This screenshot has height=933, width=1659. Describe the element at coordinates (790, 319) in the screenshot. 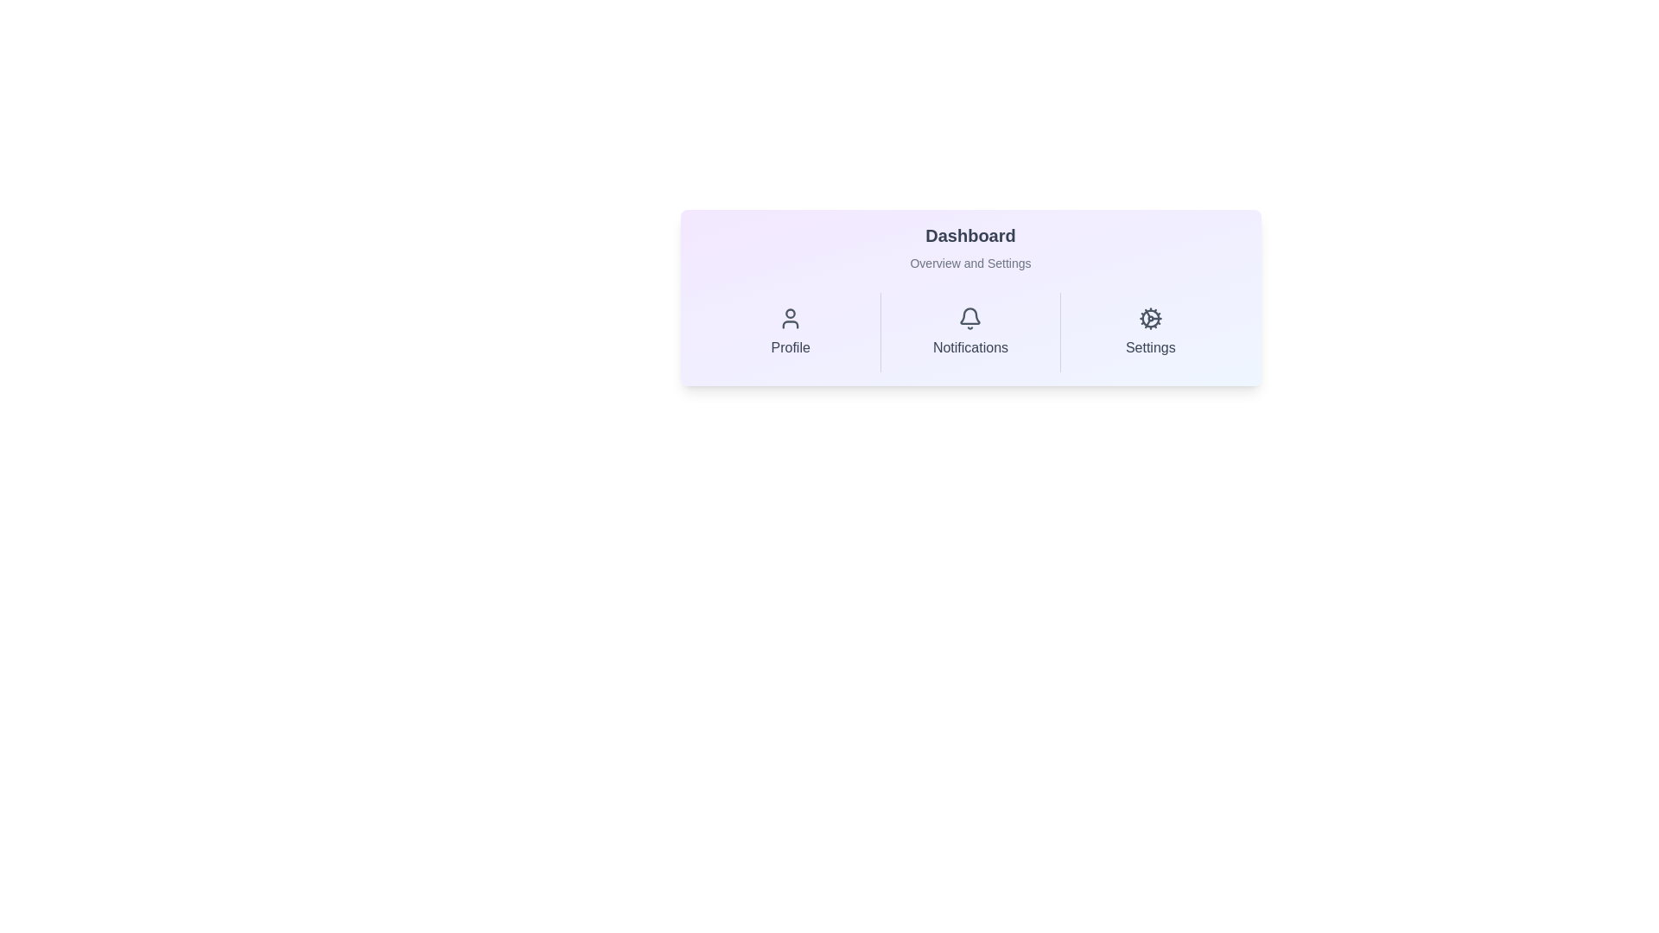

I see `the profile icon located above the 'Profile' text in the navigation bar` at that location.